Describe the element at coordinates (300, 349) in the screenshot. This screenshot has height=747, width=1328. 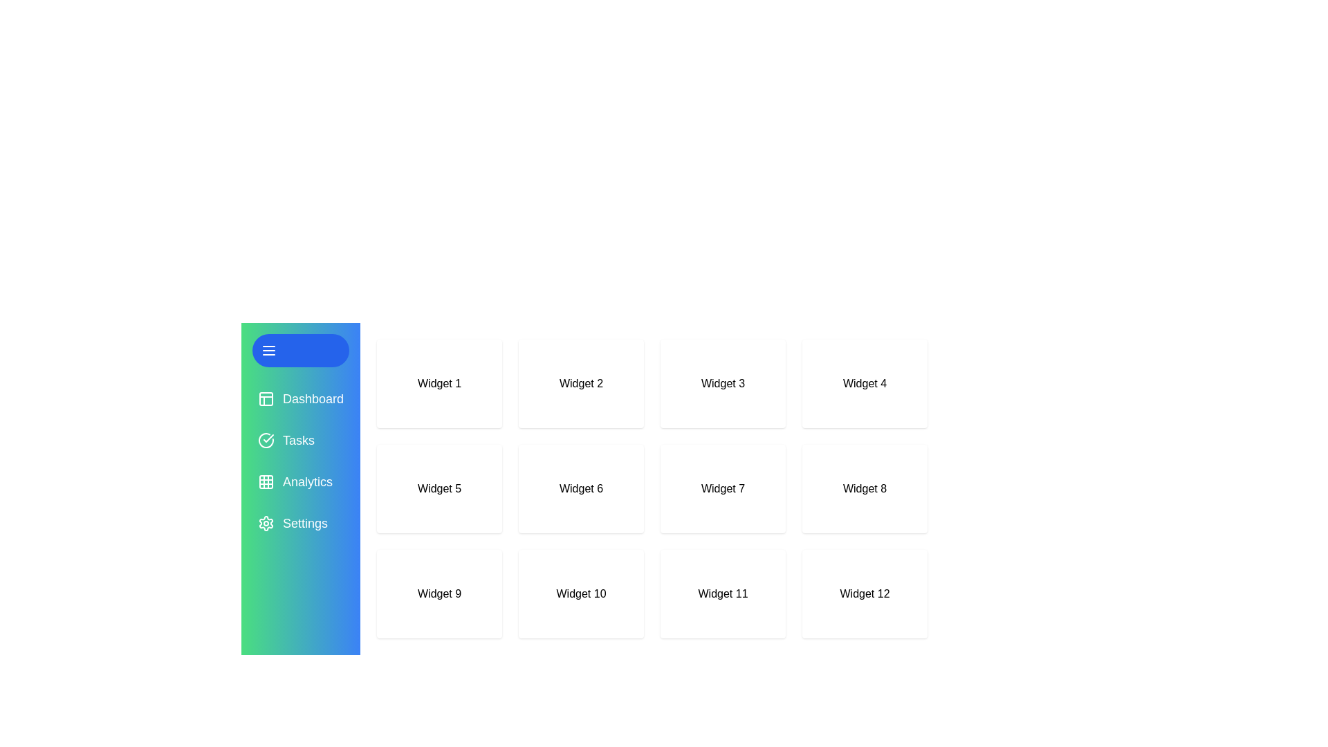
I see `toggle button to change the sidebar visibility` at that location.